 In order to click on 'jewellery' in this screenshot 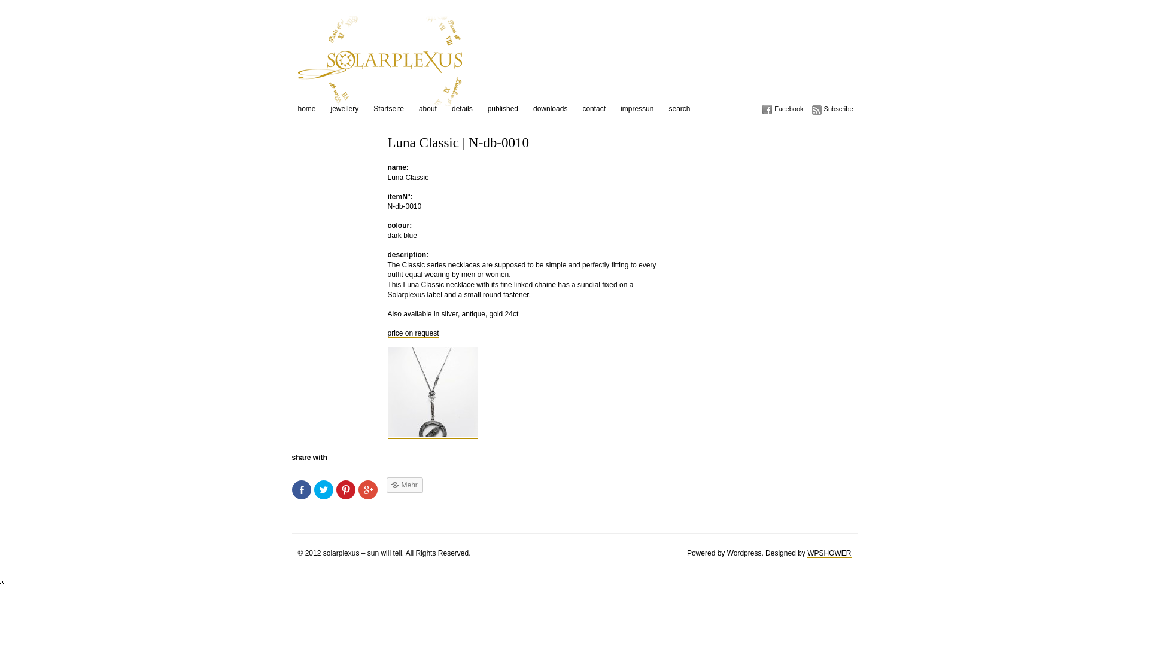, I will do `click(344, 108)`.